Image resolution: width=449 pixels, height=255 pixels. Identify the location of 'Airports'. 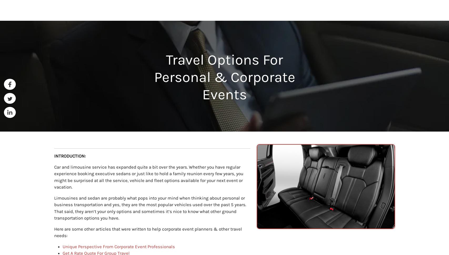
(70, 8).